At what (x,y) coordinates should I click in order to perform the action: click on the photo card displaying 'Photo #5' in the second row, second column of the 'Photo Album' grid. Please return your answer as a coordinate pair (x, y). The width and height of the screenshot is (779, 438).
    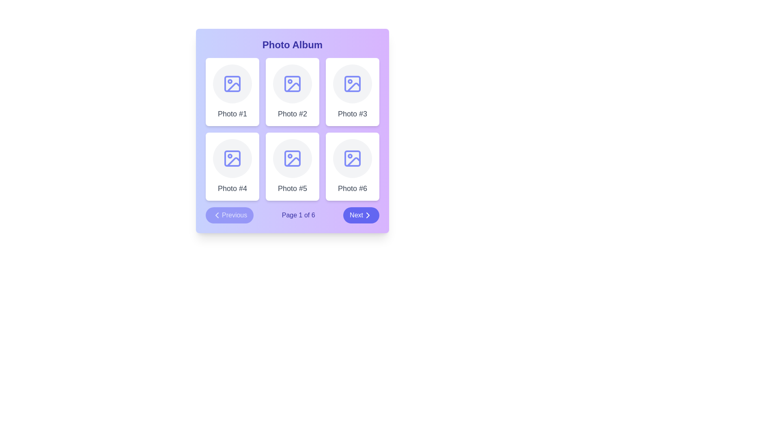
    Looking at the image, I should click on (292, 166).